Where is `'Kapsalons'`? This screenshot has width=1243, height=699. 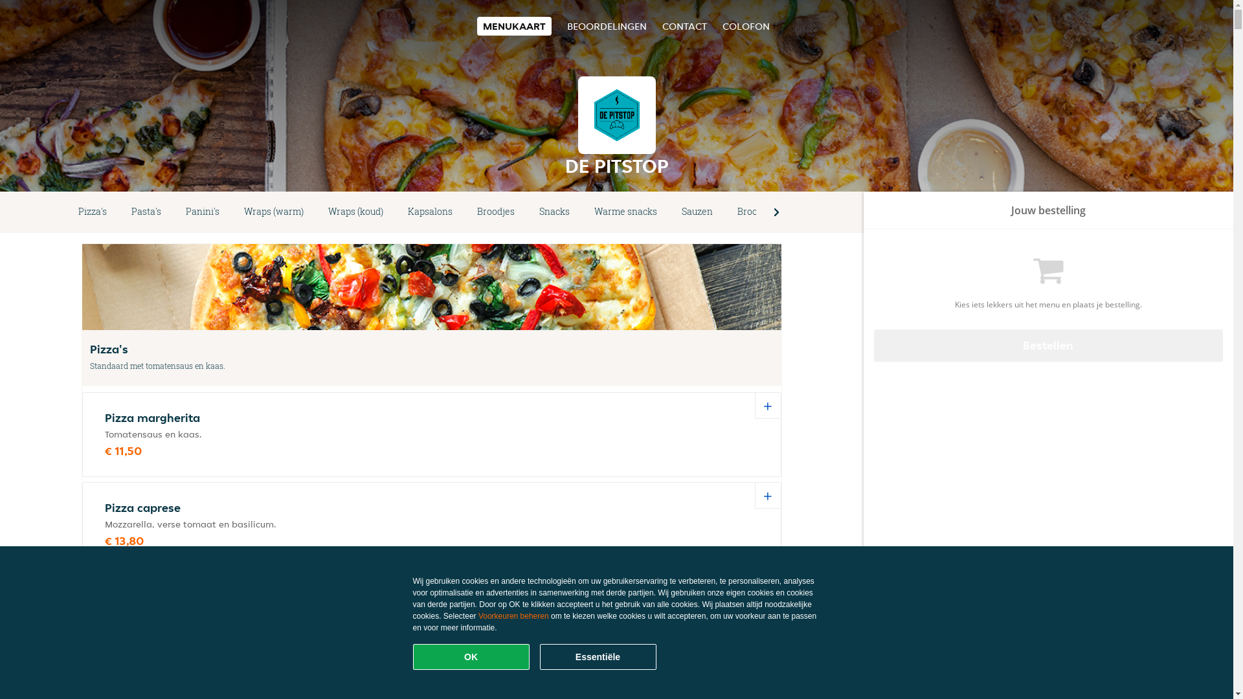
'Kapsalons' is located at coordinates (430, 211).